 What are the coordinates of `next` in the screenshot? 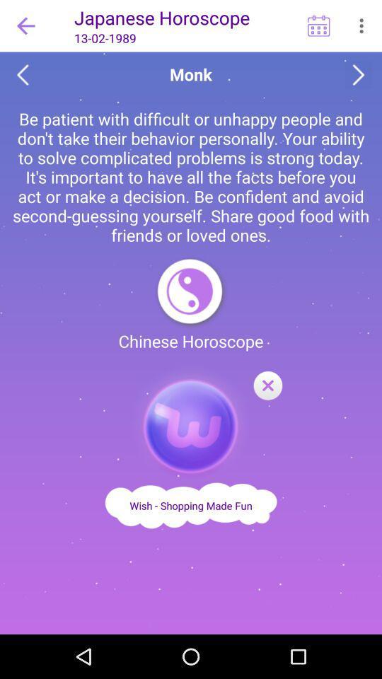 It's located at (359, 75).